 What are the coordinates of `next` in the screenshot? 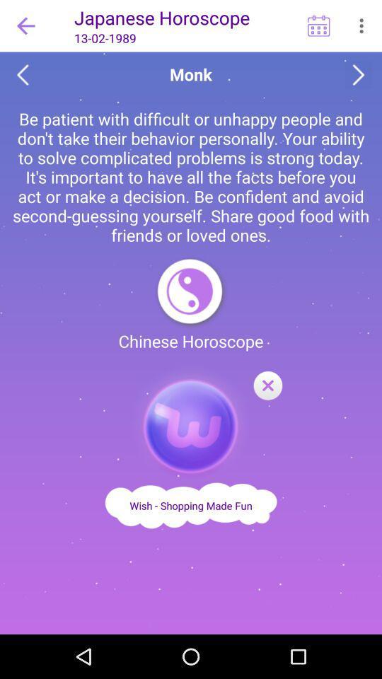 It's located at (359, 75).